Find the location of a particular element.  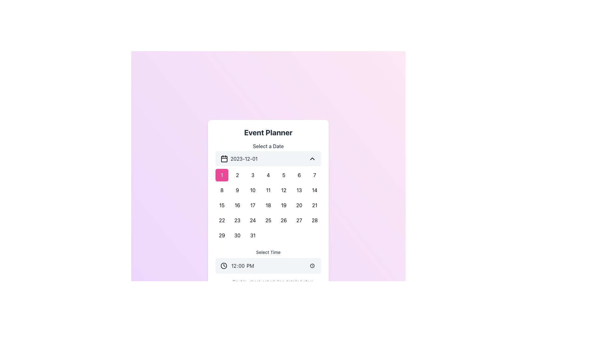

the interactive date selector button for December 7th, located in the first row of the calendar matrix in the 'Event Planner' interface is located at coordinates (315, 175).